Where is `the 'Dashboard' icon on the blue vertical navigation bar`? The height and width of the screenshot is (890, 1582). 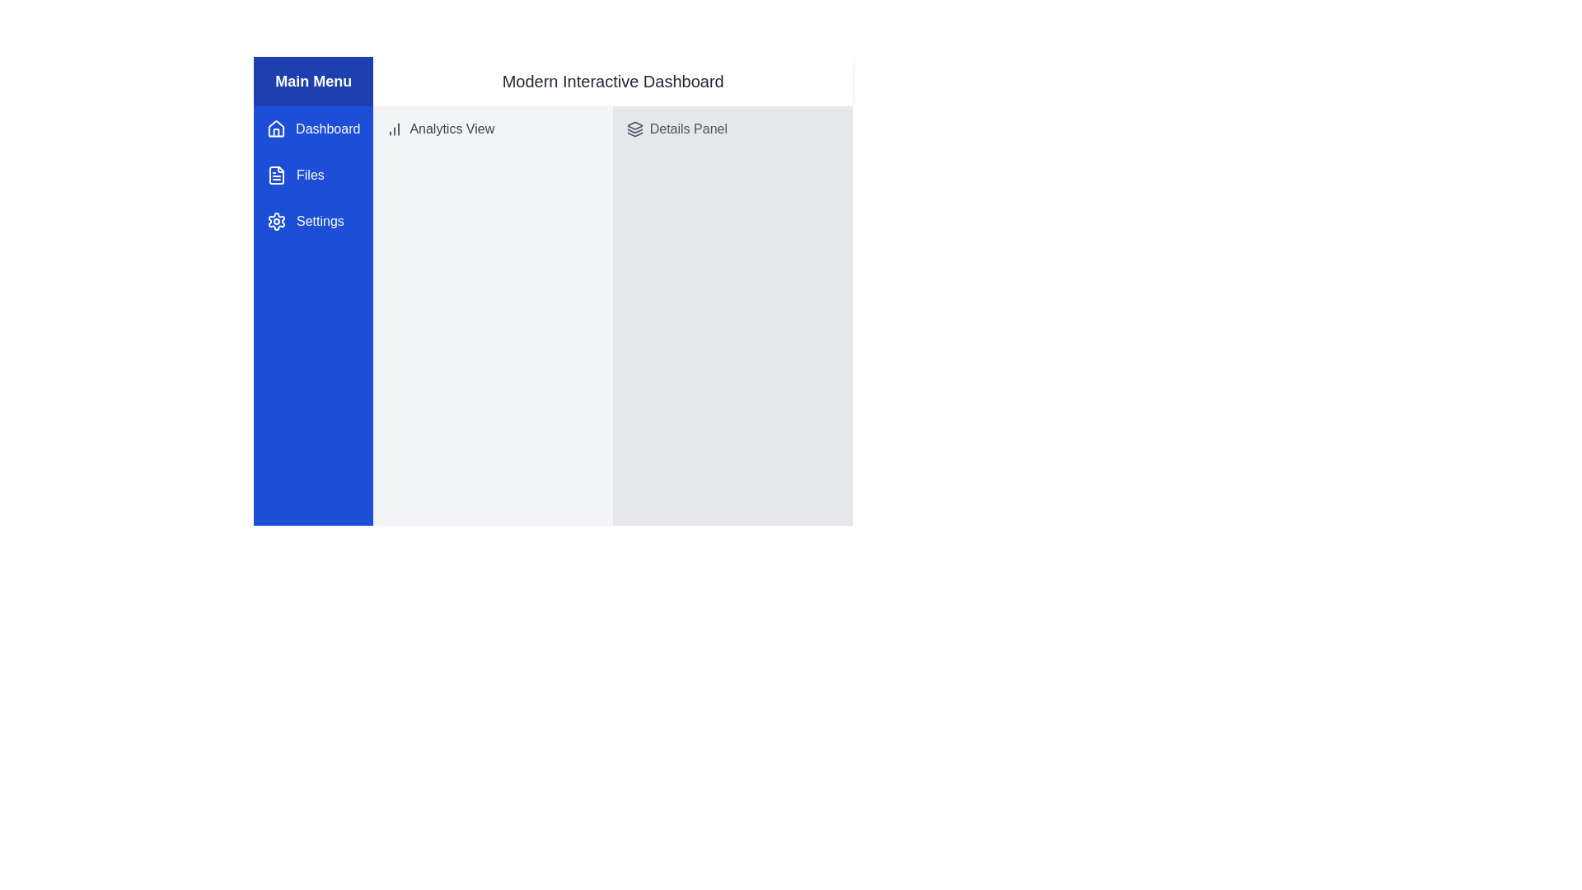
the 'Dashboard' icon on the blue vertical navigation bar is located at coordinates (276, 129).